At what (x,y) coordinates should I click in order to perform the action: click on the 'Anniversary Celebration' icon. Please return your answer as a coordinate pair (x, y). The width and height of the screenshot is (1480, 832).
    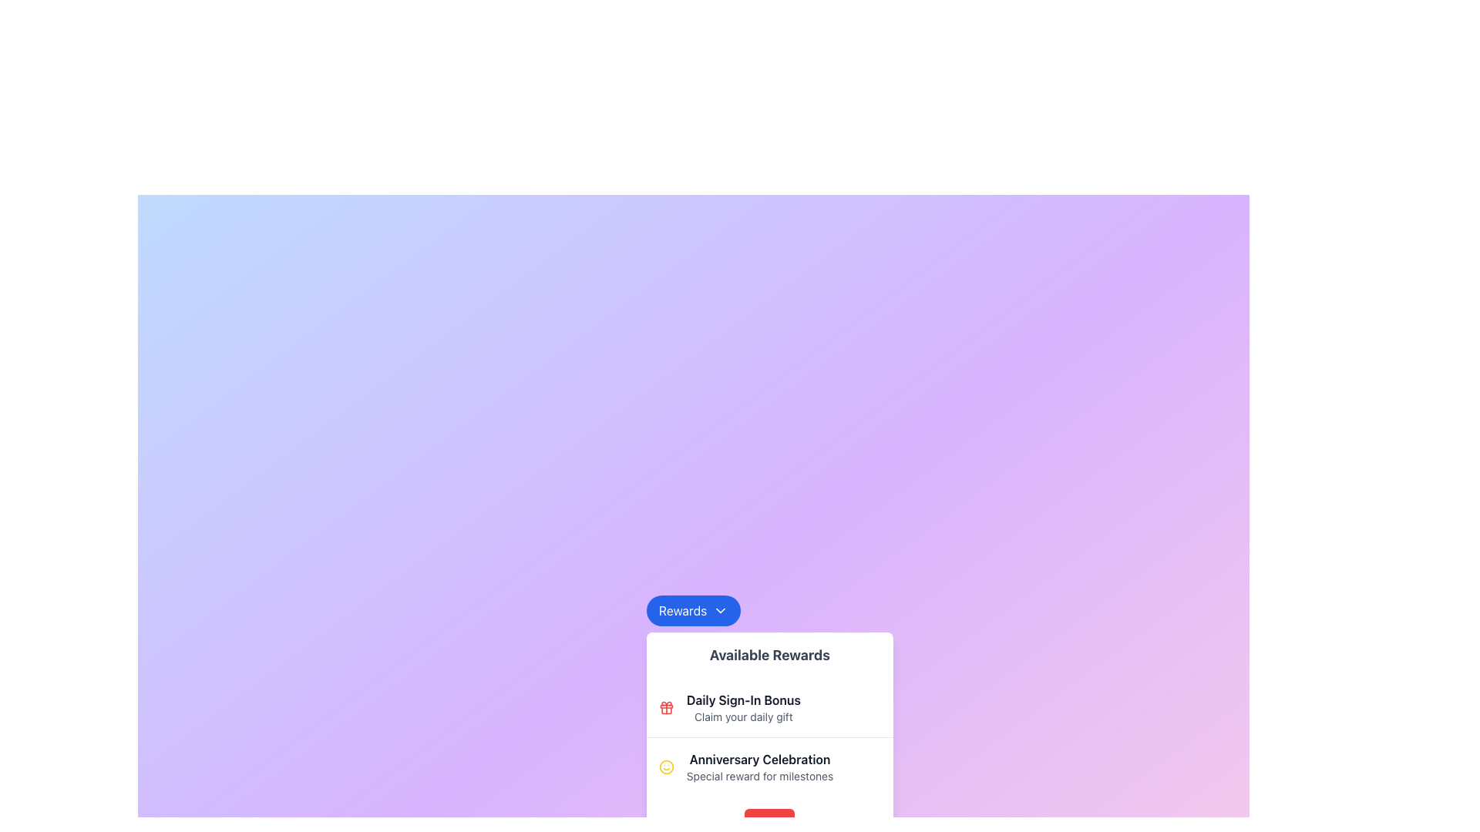
    Looking at the image, I should click on (666, 767).